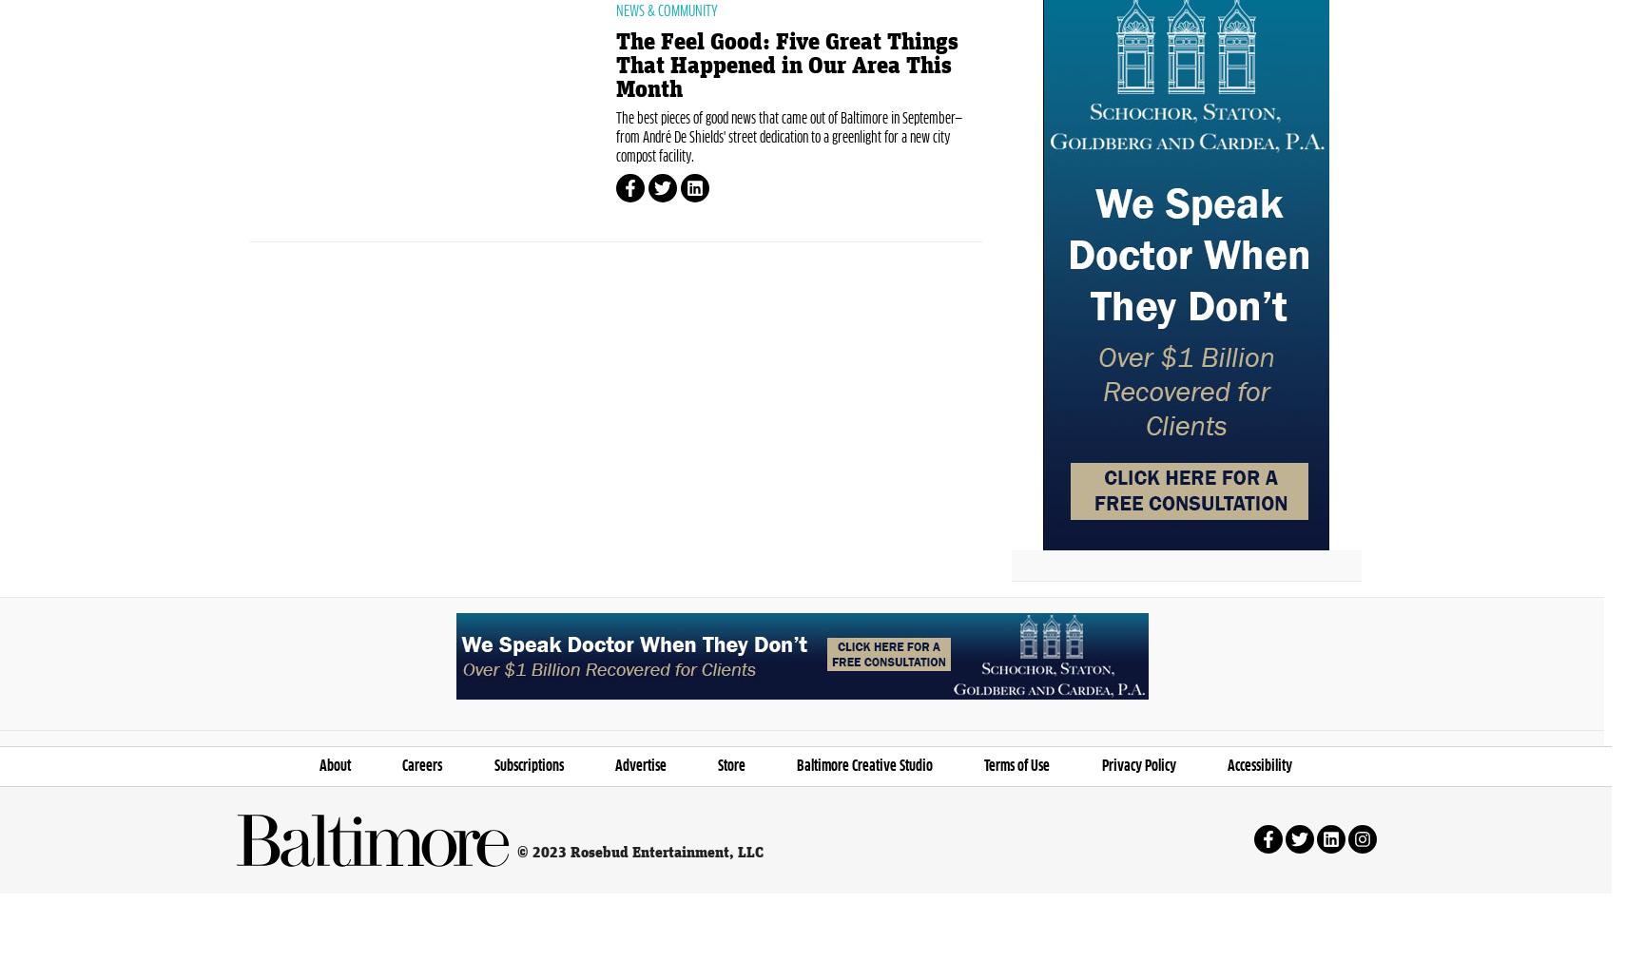  I want to click on 'Privacy Policy', so click(1100, 855).